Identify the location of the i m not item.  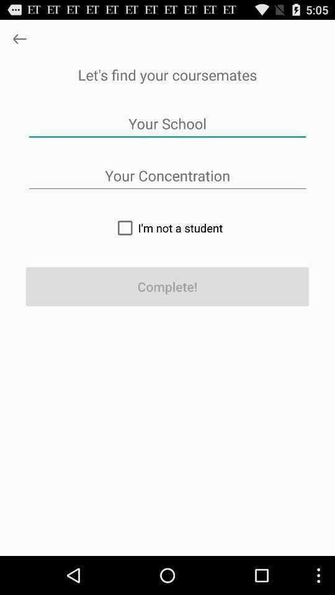
(167, 227).